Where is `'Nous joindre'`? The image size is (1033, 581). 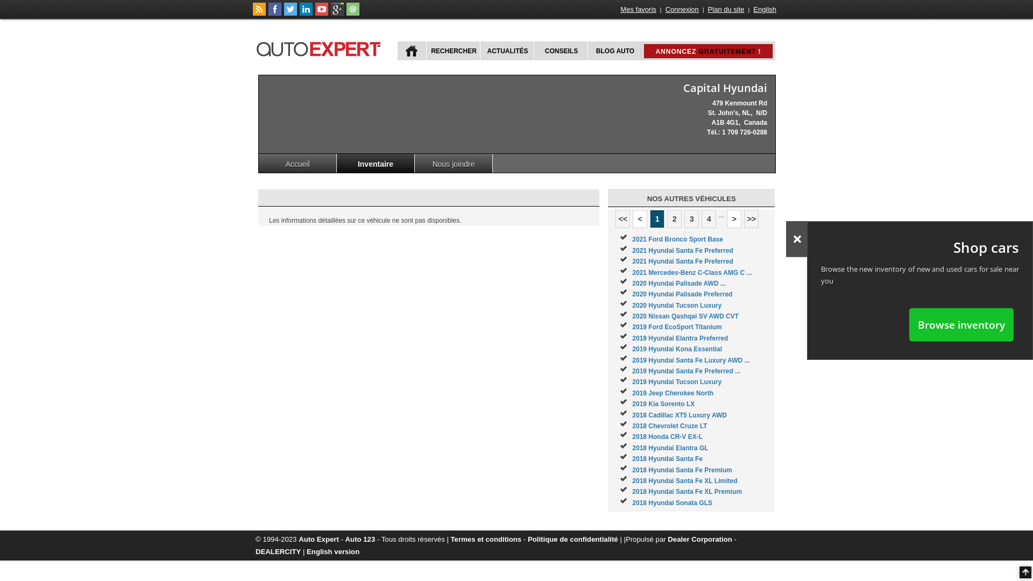
'Nous joindre' is located at coordinates (414, 163).